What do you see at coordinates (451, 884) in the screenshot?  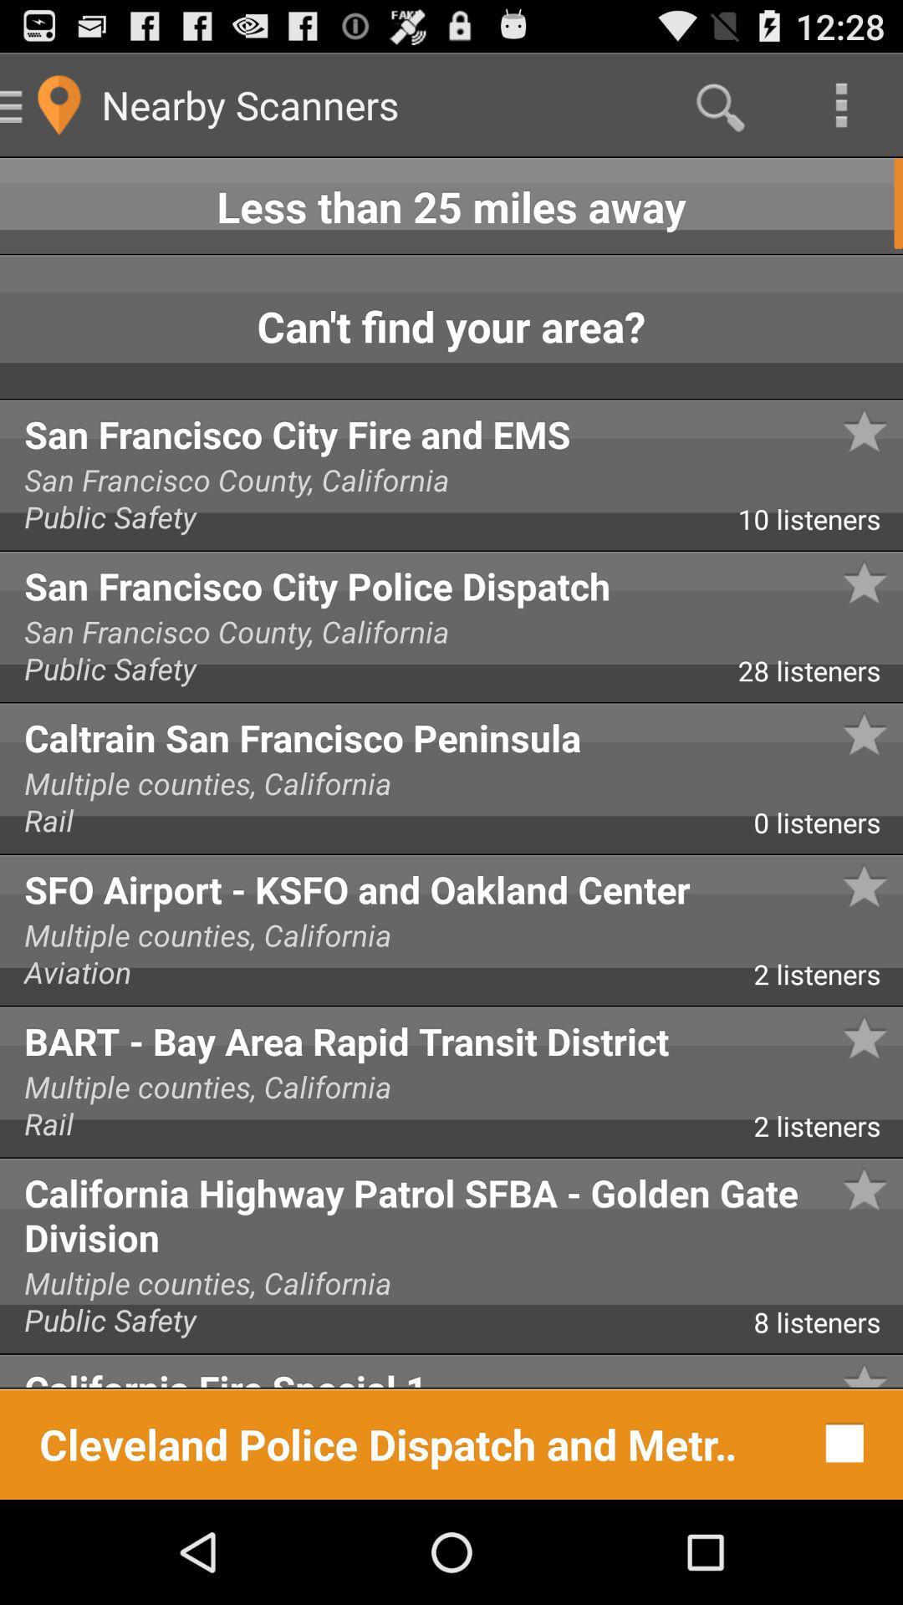 I see `the icon below the 0 listeners` at bounding box center [451, 884].